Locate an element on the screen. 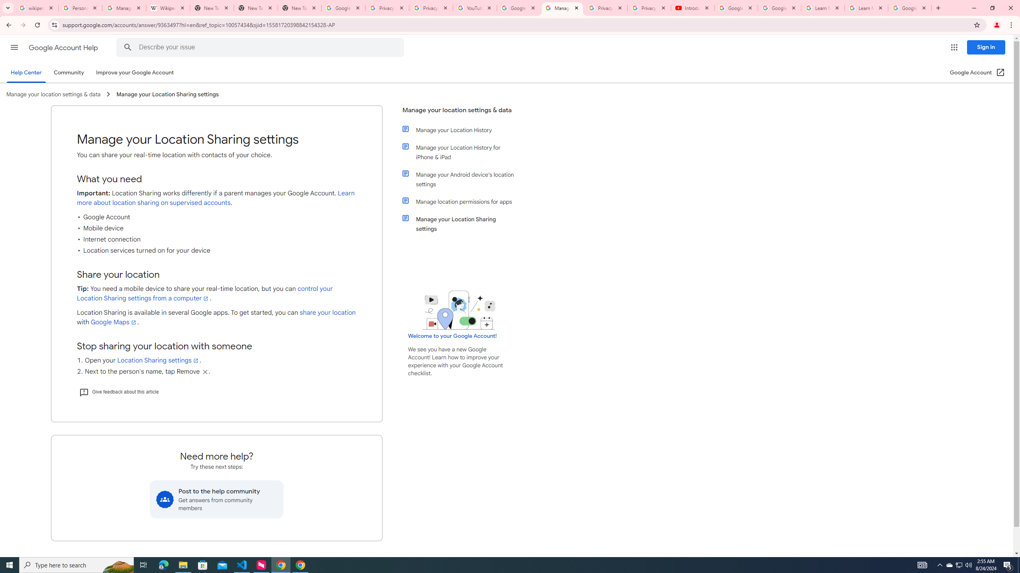  'Google Account Help' is located at coordinates (64, 47).